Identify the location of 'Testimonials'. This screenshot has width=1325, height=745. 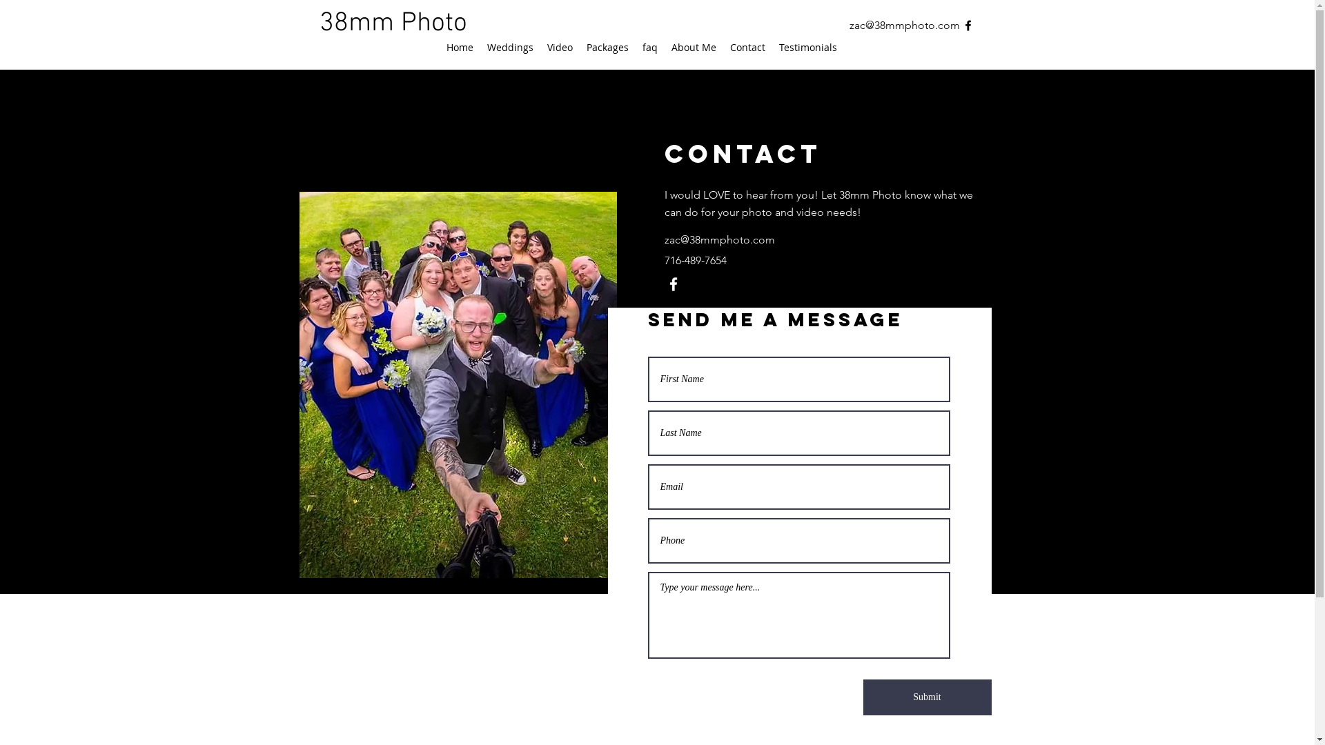
(807, 47).